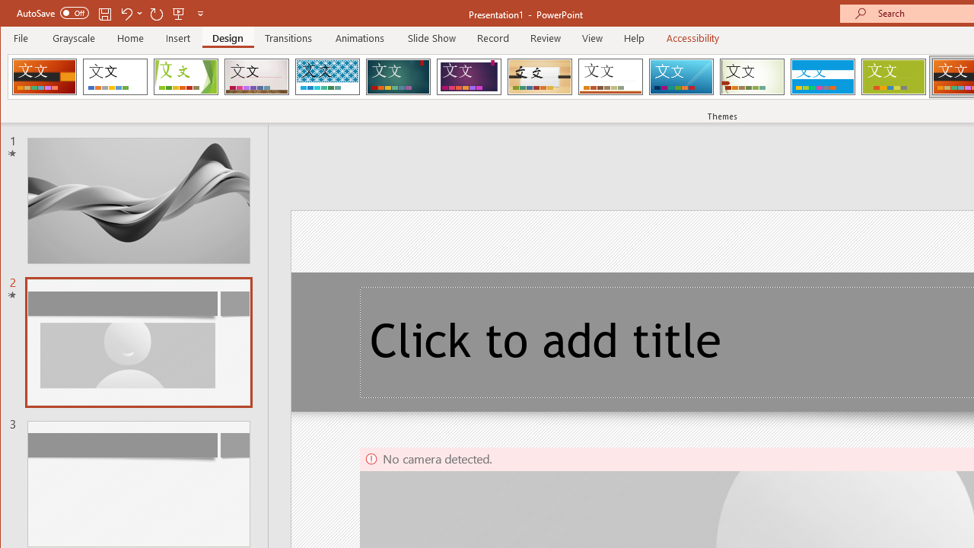 Image resolution: width=974 pixels, height=548 pixels. What do you see at coordinates (540, 76) in the screenshot?
I see `'Organic'` at bounding box center [540, 76].